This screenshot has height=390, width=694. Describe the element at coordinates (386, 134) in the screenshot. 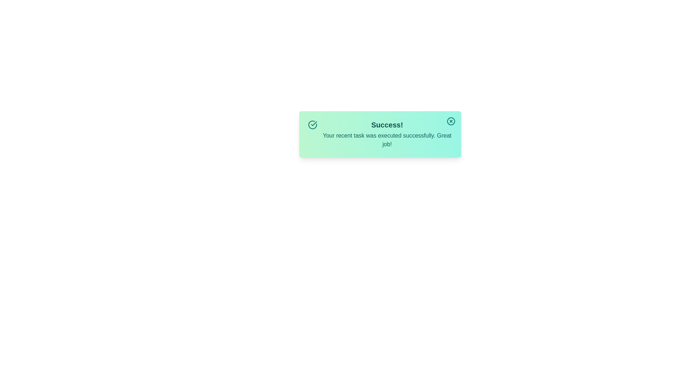

I see `the text to select it` at that location.